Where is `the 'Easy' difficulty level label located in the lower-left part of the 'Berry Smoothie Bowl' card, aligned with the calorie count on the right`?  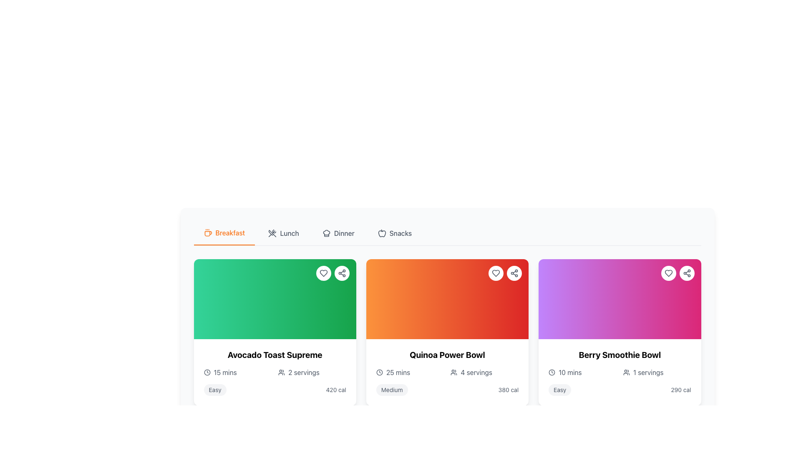
the 'Easy' difficulty level label located in the lower-left part of the 'Berry Smoothie Bowl' card, aligned with the calorie count on the right is located at coordinates (560, 390).